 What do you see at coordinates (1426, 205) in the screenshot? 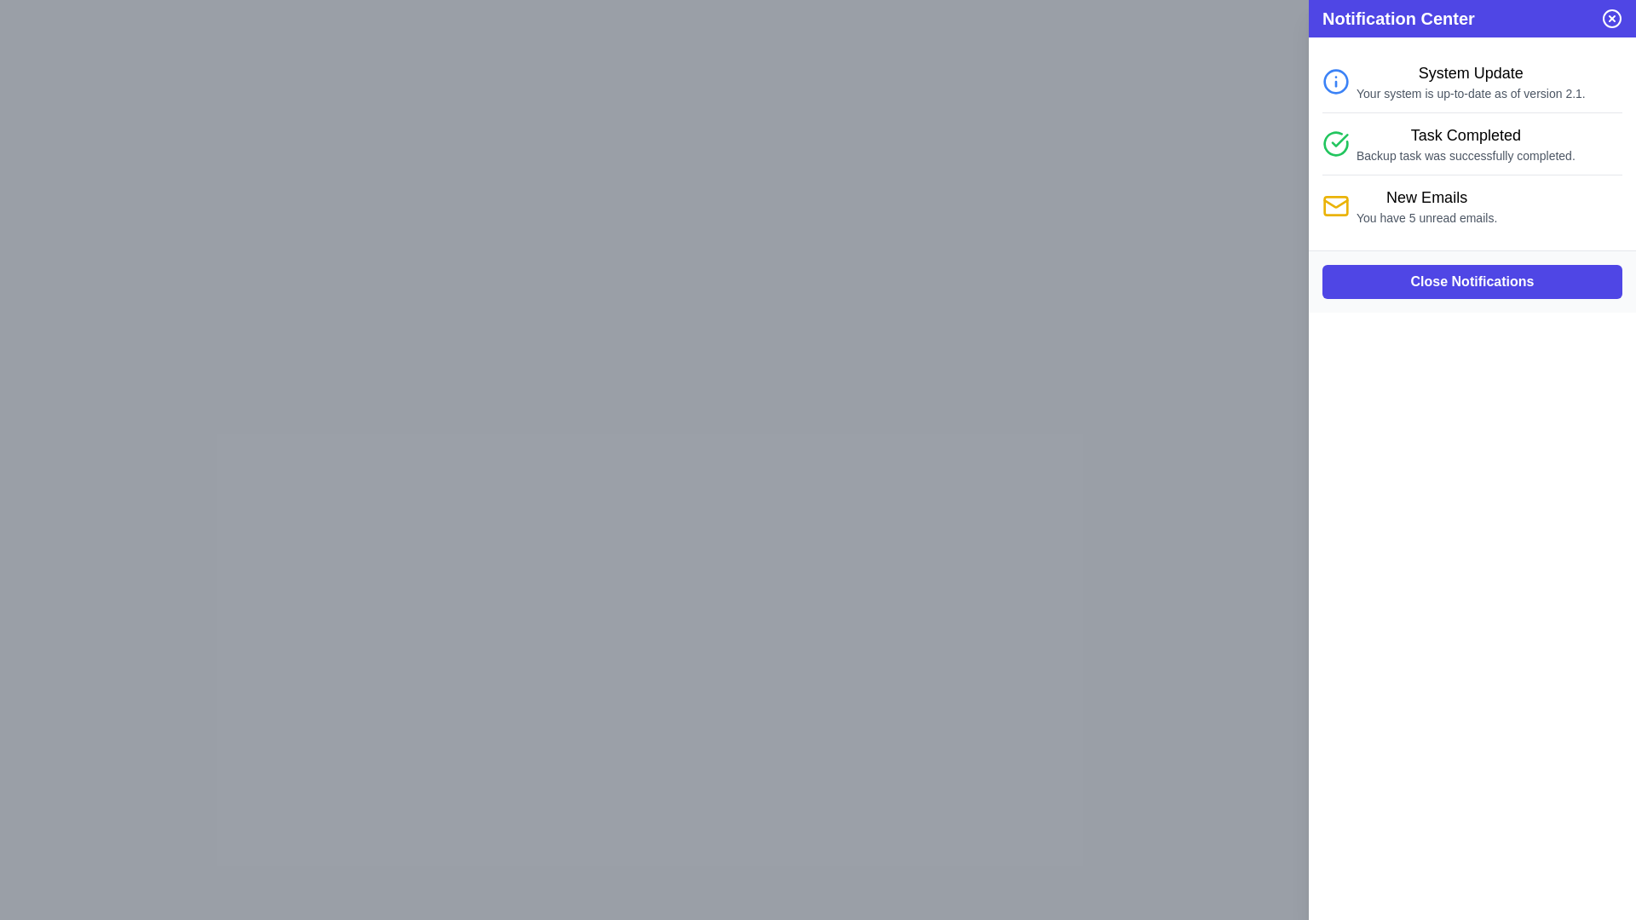
I see `the Text Display element that shows the count of unread emails, indicating interactive functionality` at bounding box center [1426, 205].